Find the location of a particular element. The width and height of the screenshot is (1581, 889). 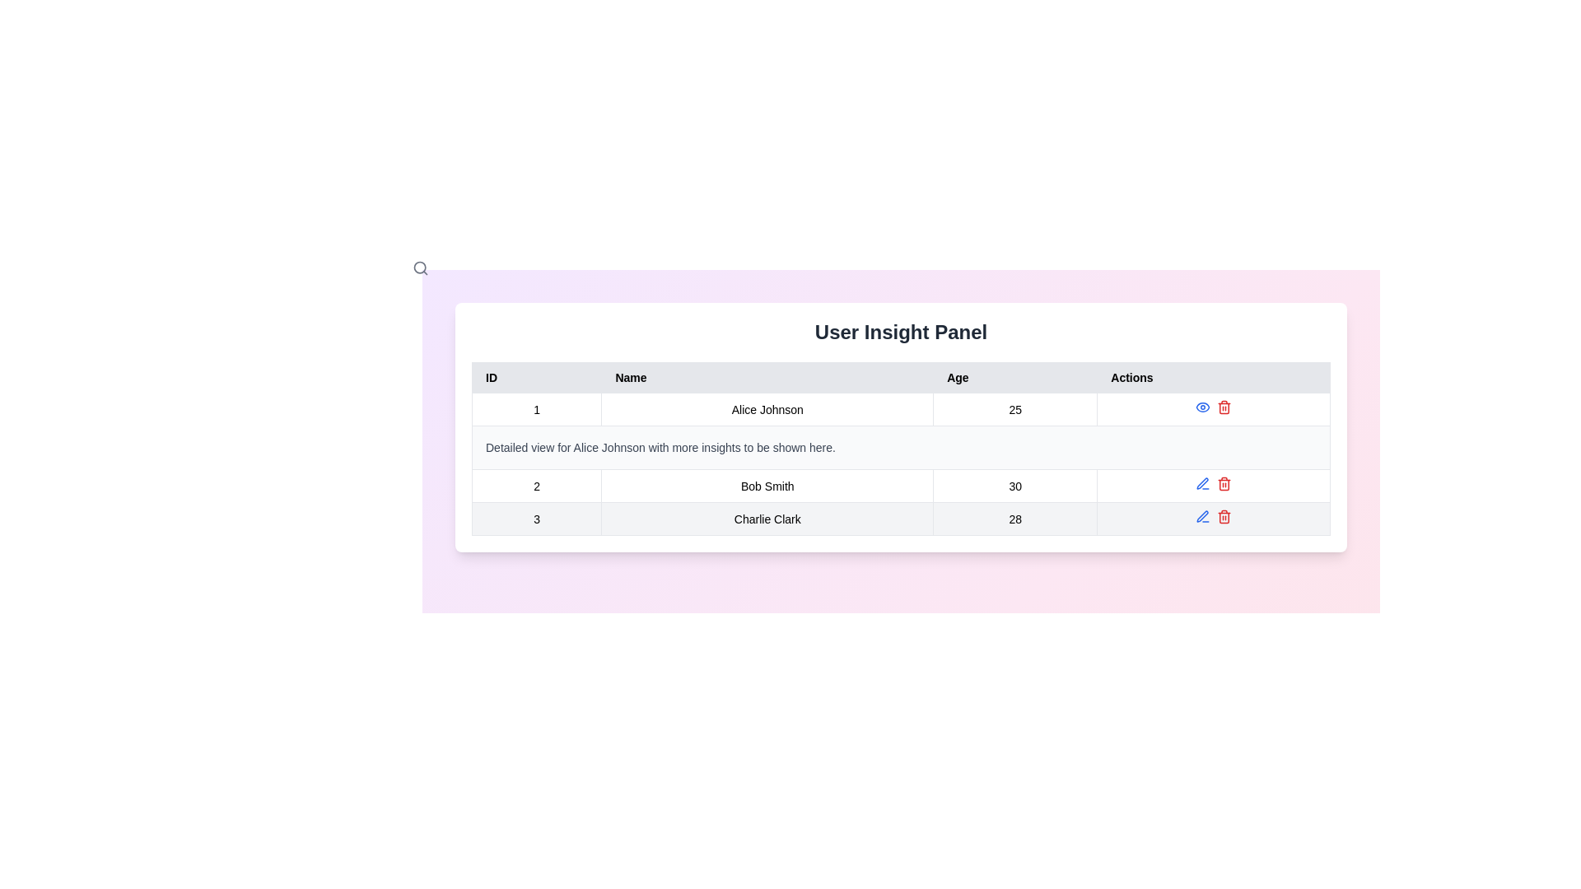

the blue eye icon button in the 'Actions' column of the table for Alice Johnson is located at coordinates (1203, 407).